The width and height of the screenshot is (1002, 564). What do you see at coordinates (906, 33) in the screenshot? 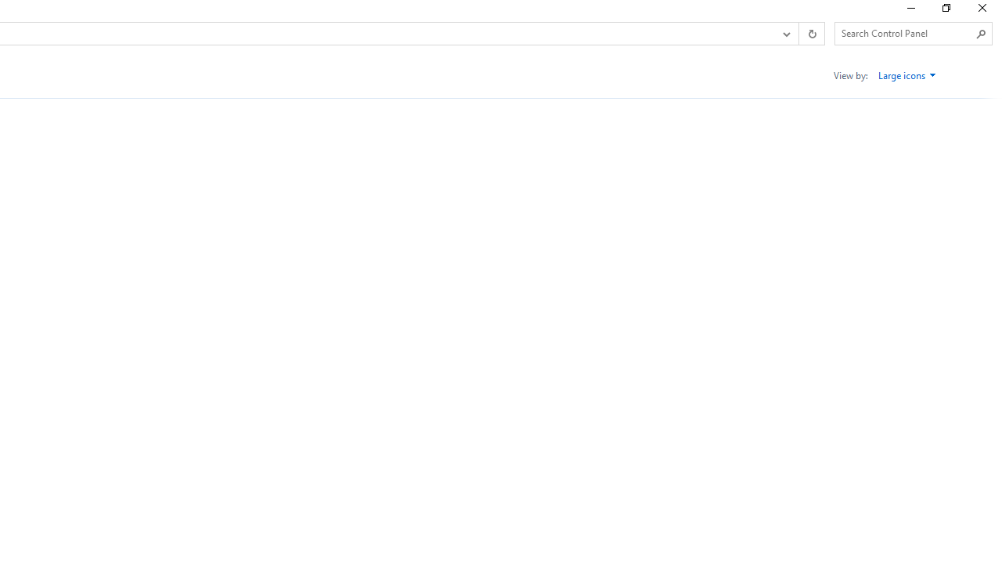
I see `'Search Box'` at bounding box center [906, 33].